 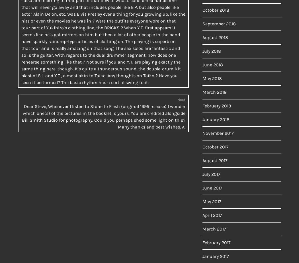 What do you see at coordinates (214, 92) in the screenshot?
I see `'March 2018'` at bounding box center [214, 92].